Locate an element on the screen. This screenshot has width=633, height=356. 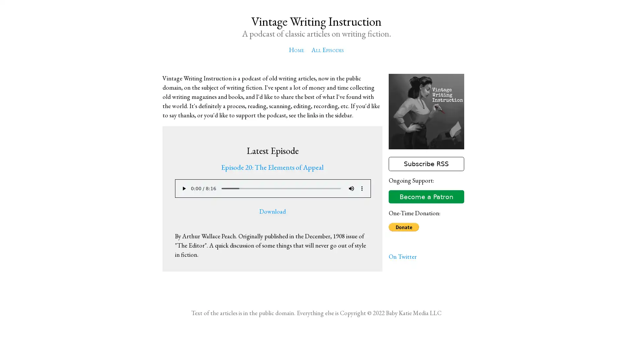
show more media controls is located at coordinates (361, 188).